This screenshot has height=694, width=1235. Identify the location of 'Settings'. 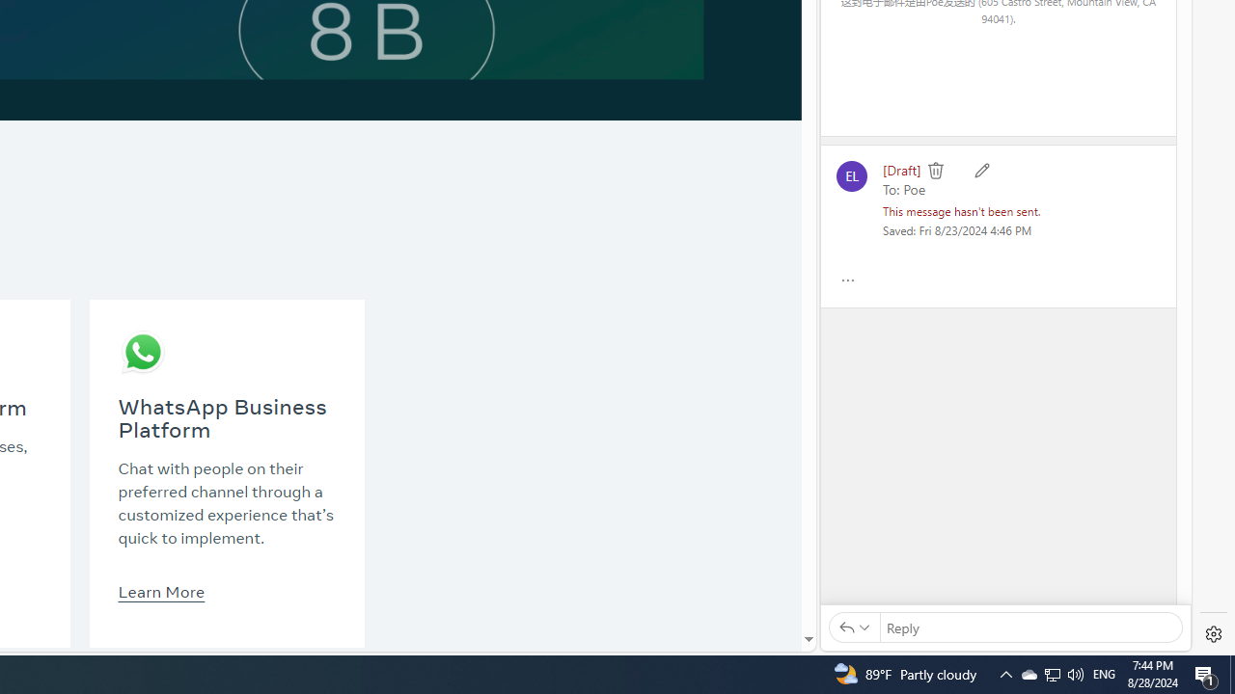
(1213, 634).